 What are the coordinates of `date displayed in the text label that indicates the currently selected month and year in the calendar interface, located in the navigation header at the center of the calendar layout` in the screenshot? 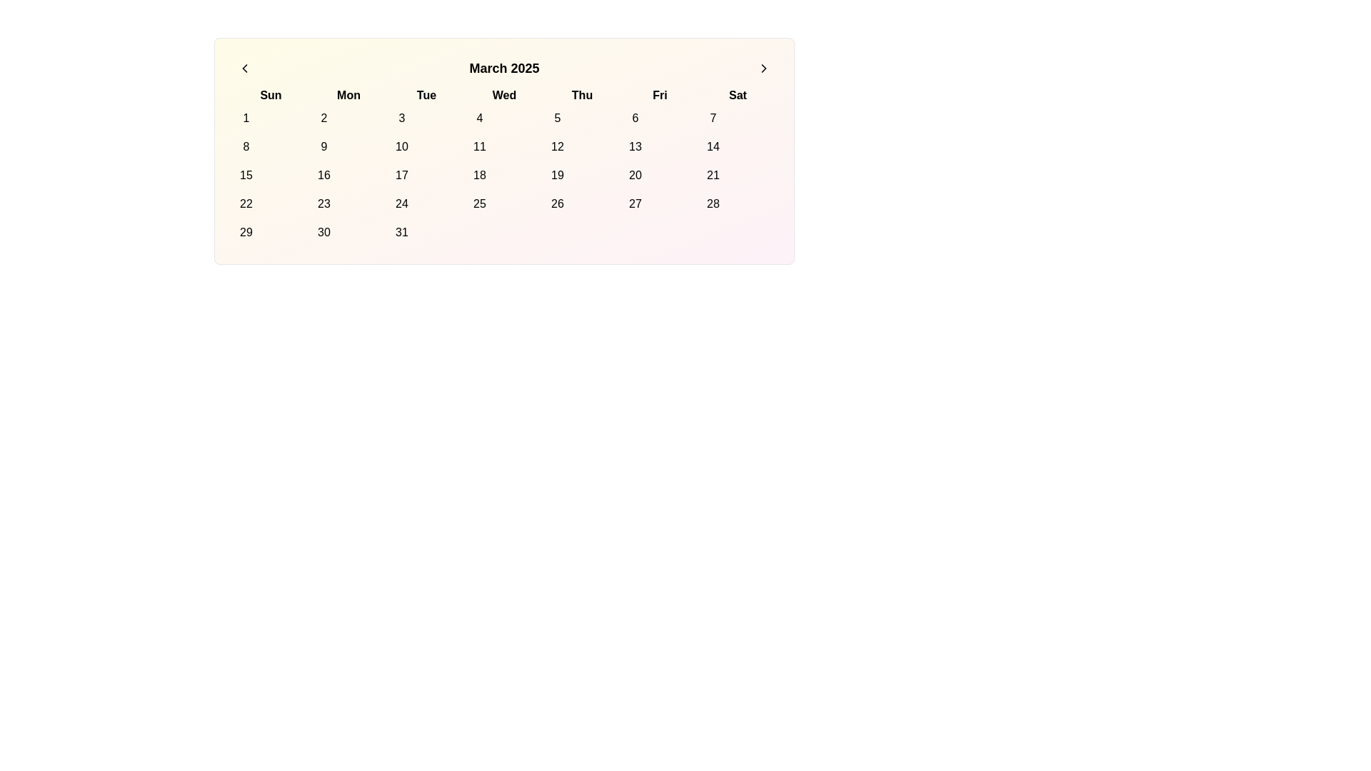 It's located at (504, 69).